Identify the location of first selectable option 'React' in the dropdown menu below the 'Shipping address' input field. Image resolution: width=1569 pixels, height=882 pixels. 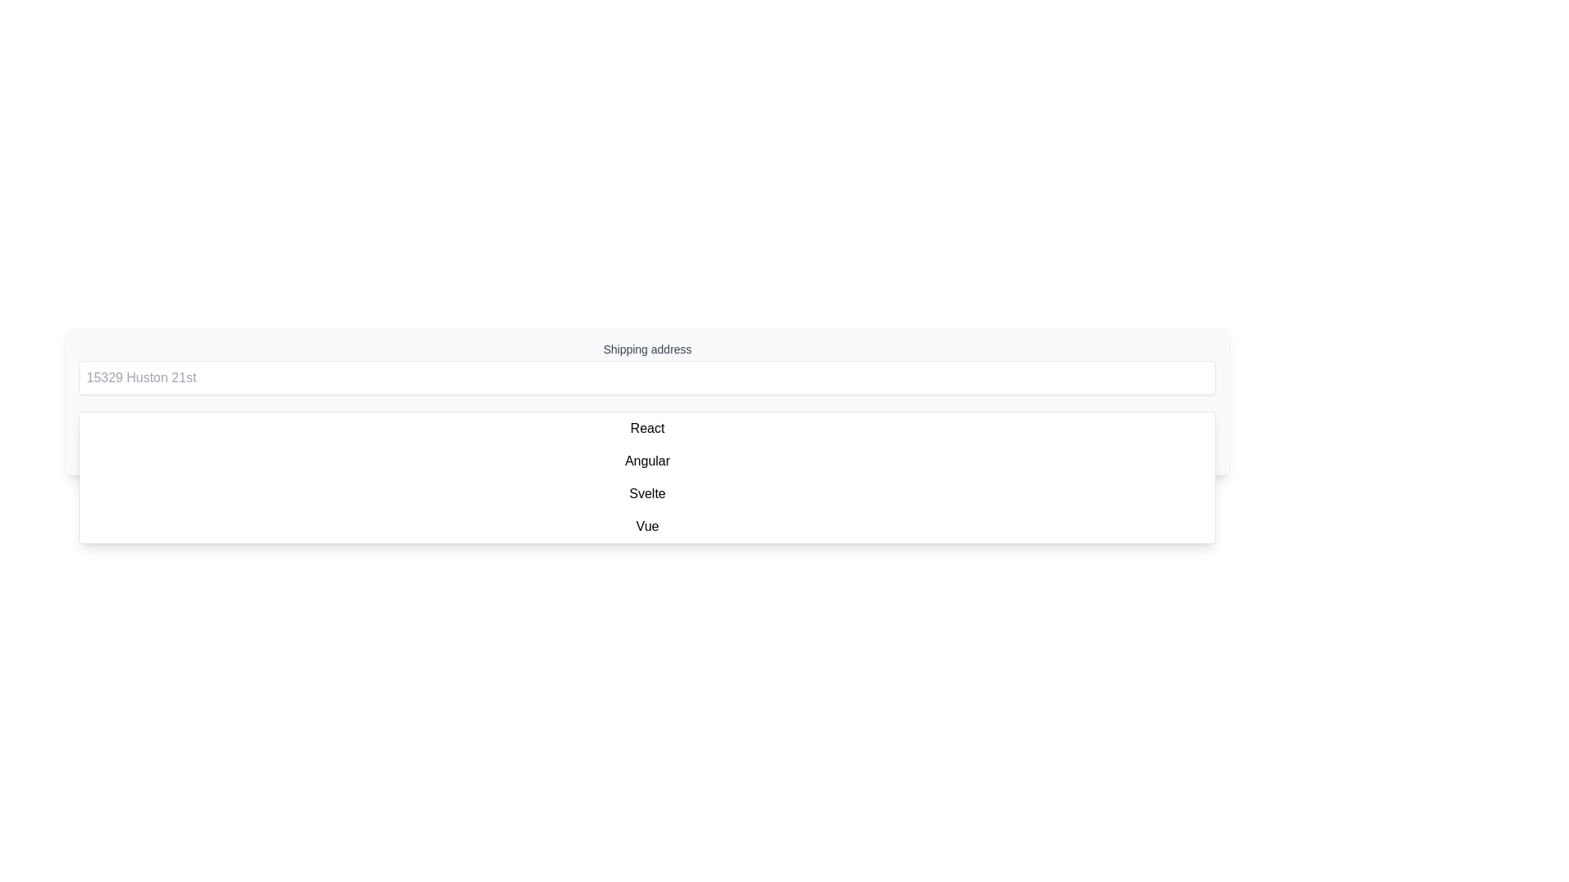
(646, 427).